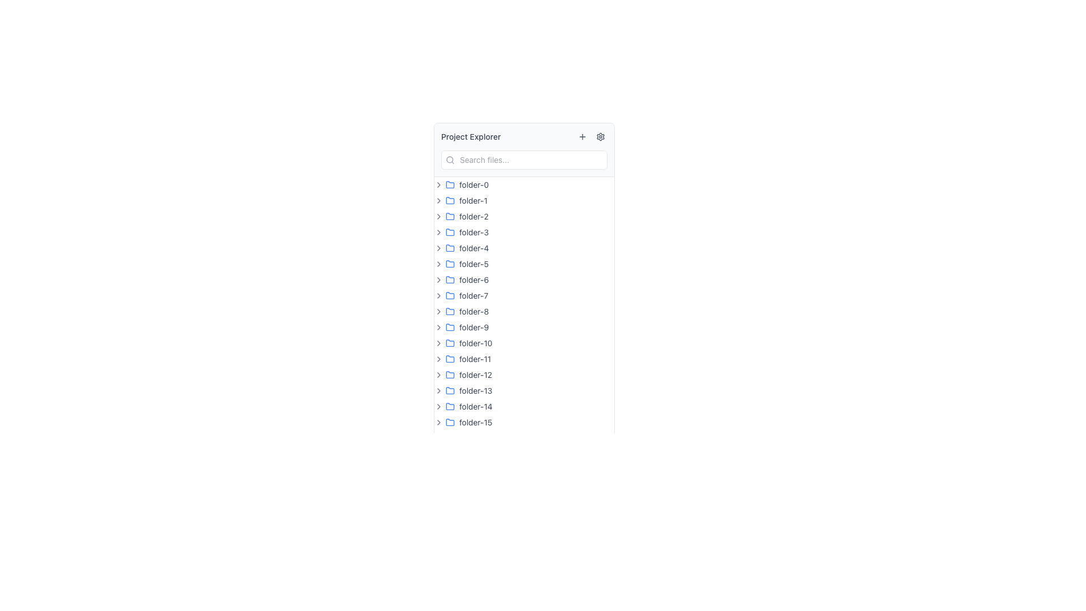 The width and height of the screenshot is (1086, 611). I want to click on the small right-facing chevron icon, so click(438, 295).